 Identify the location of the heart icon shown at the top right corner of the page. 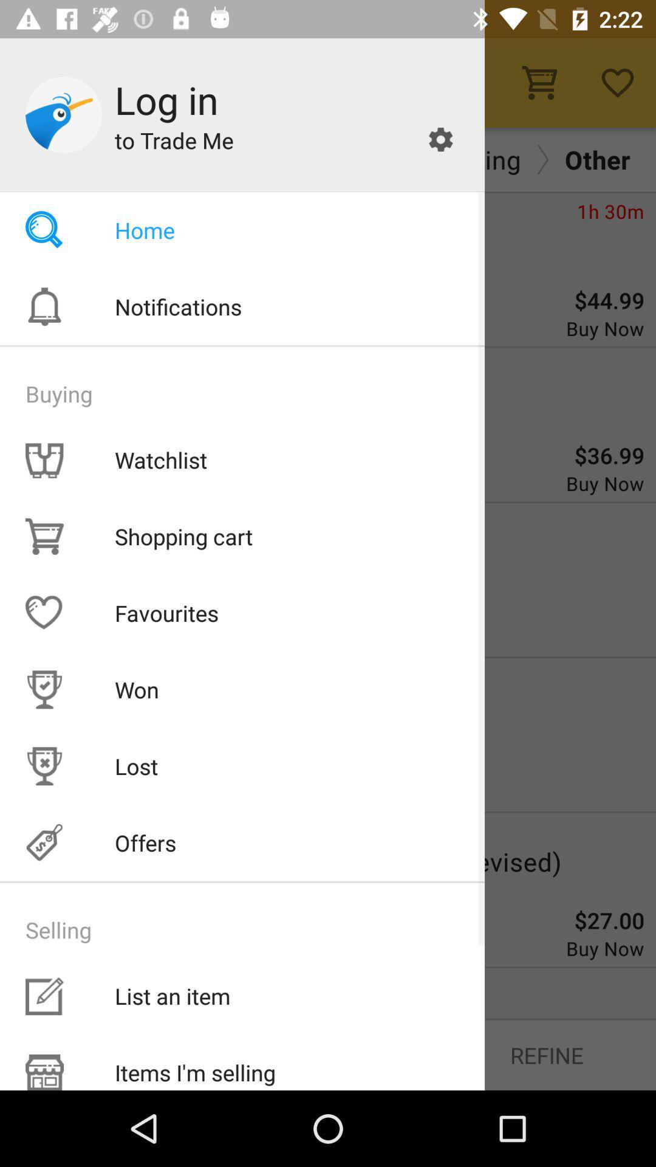
(618, 83).